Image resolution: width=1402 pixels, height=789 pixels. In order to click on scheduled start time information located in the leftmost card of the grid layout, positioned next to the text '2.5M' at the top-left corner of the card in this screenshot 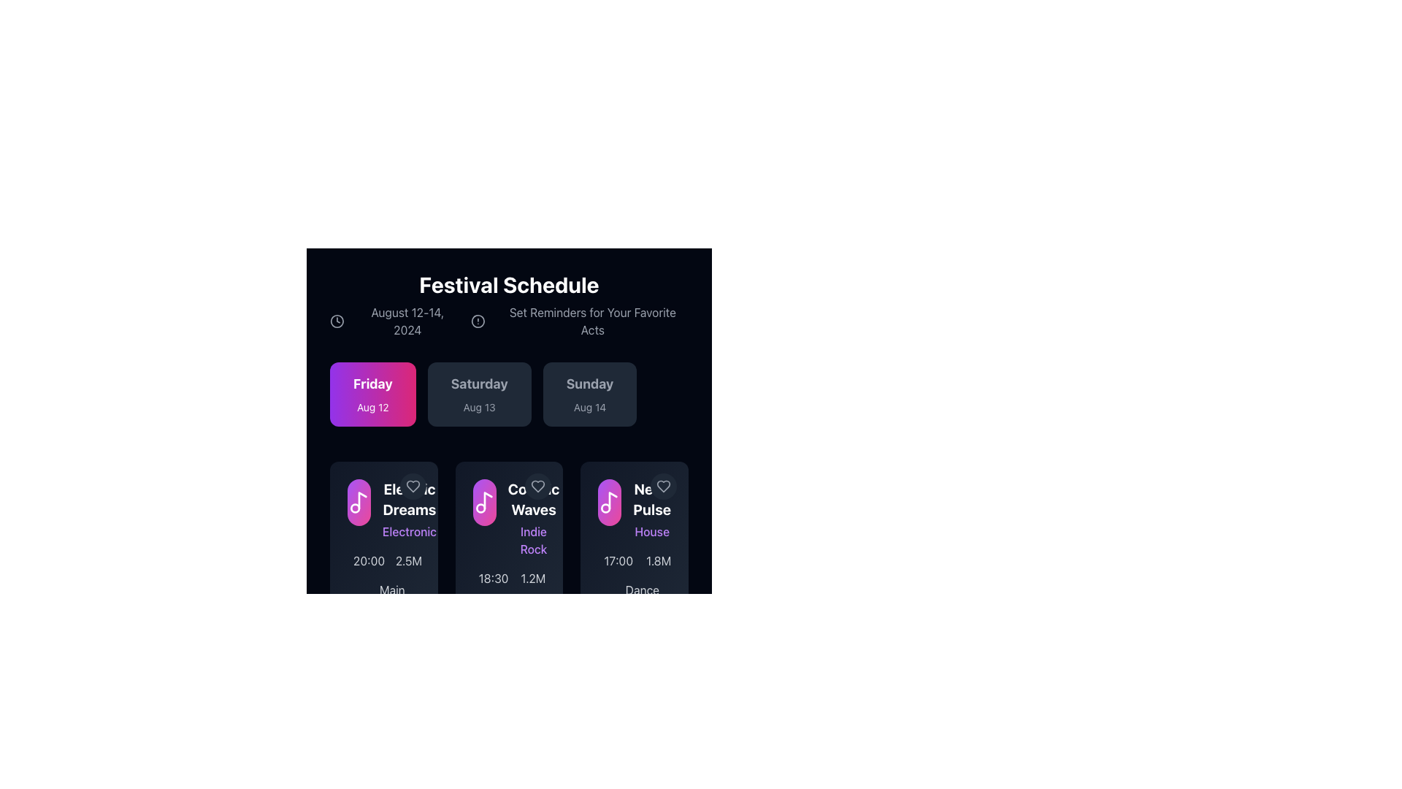, I will do `click(362, 560)`.